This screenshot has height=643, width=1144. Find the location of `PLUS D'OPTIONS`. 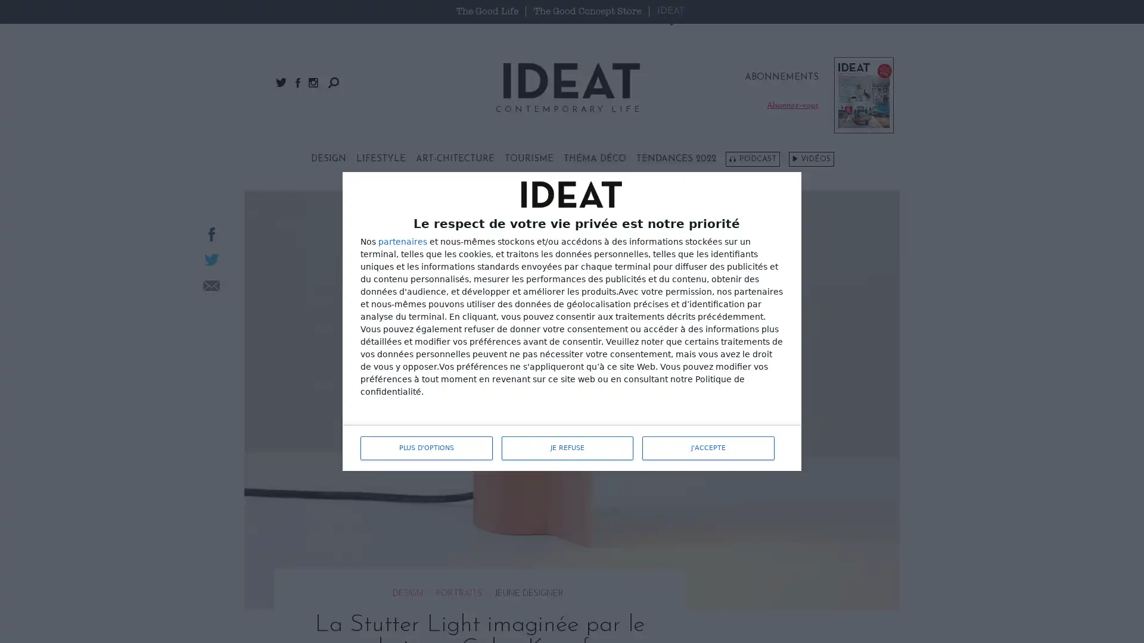

PLUS D'OPTIONS is located at coordinates (426, 448).